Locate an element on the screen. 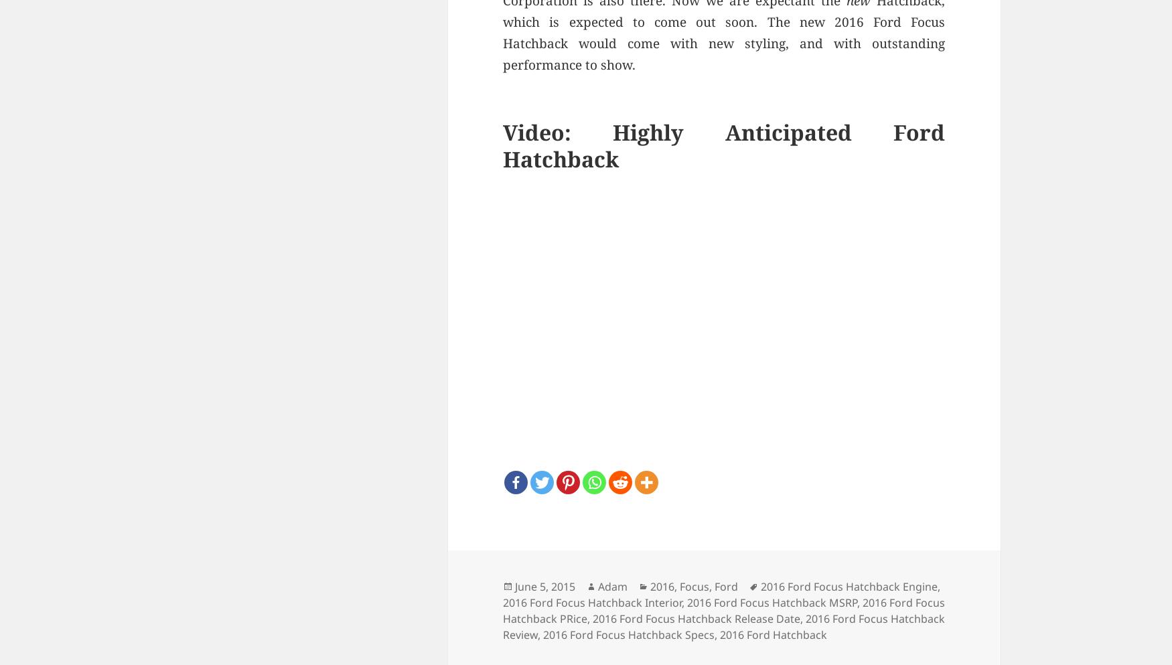  '2016 Ford Focus Hatchback Engine' is located at coordinates (759, 585).